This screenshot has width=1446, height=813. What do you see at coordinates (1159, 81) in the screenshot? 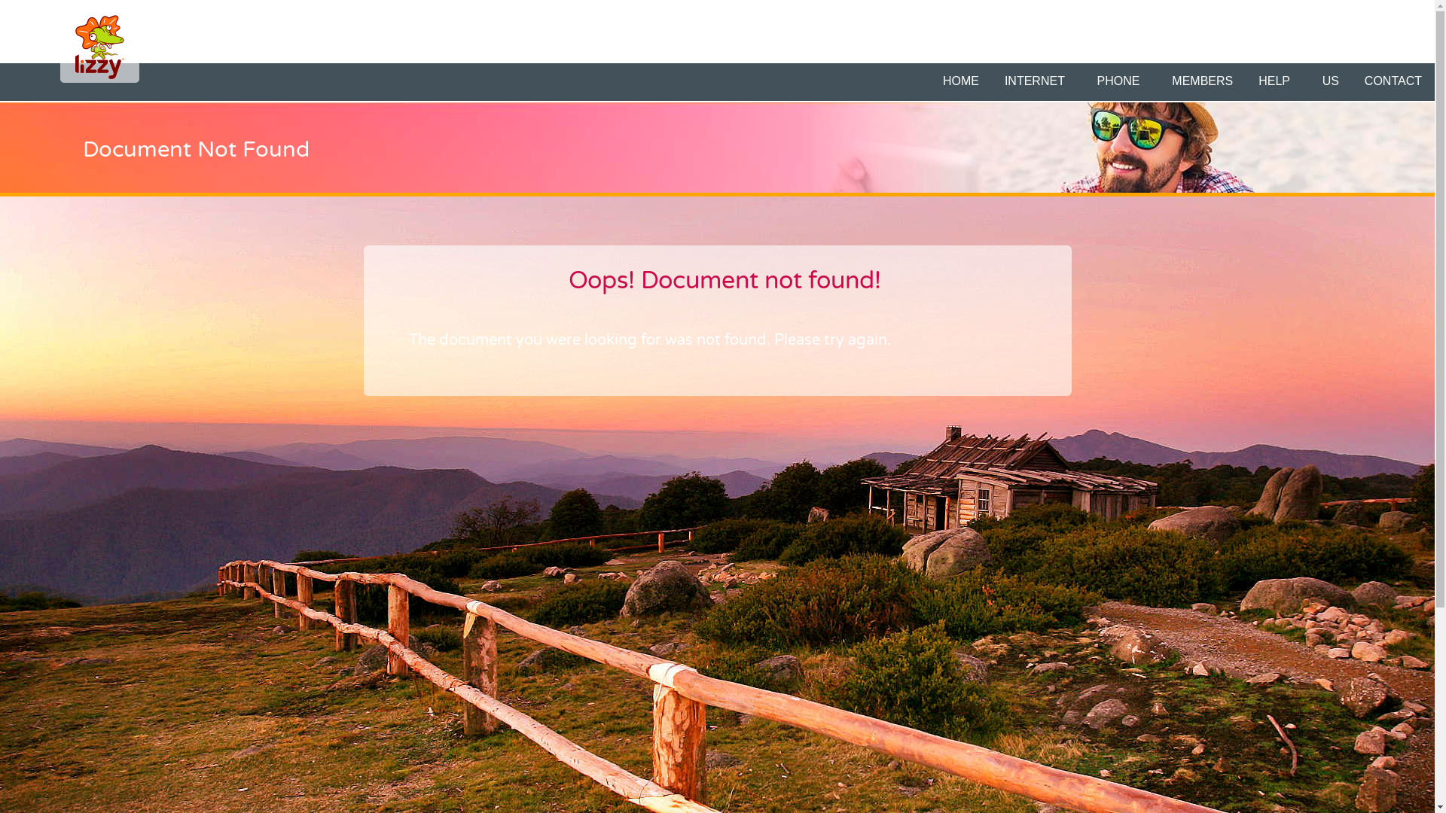
I see `'MEMBERS'` at bounding box center [1159, 81].